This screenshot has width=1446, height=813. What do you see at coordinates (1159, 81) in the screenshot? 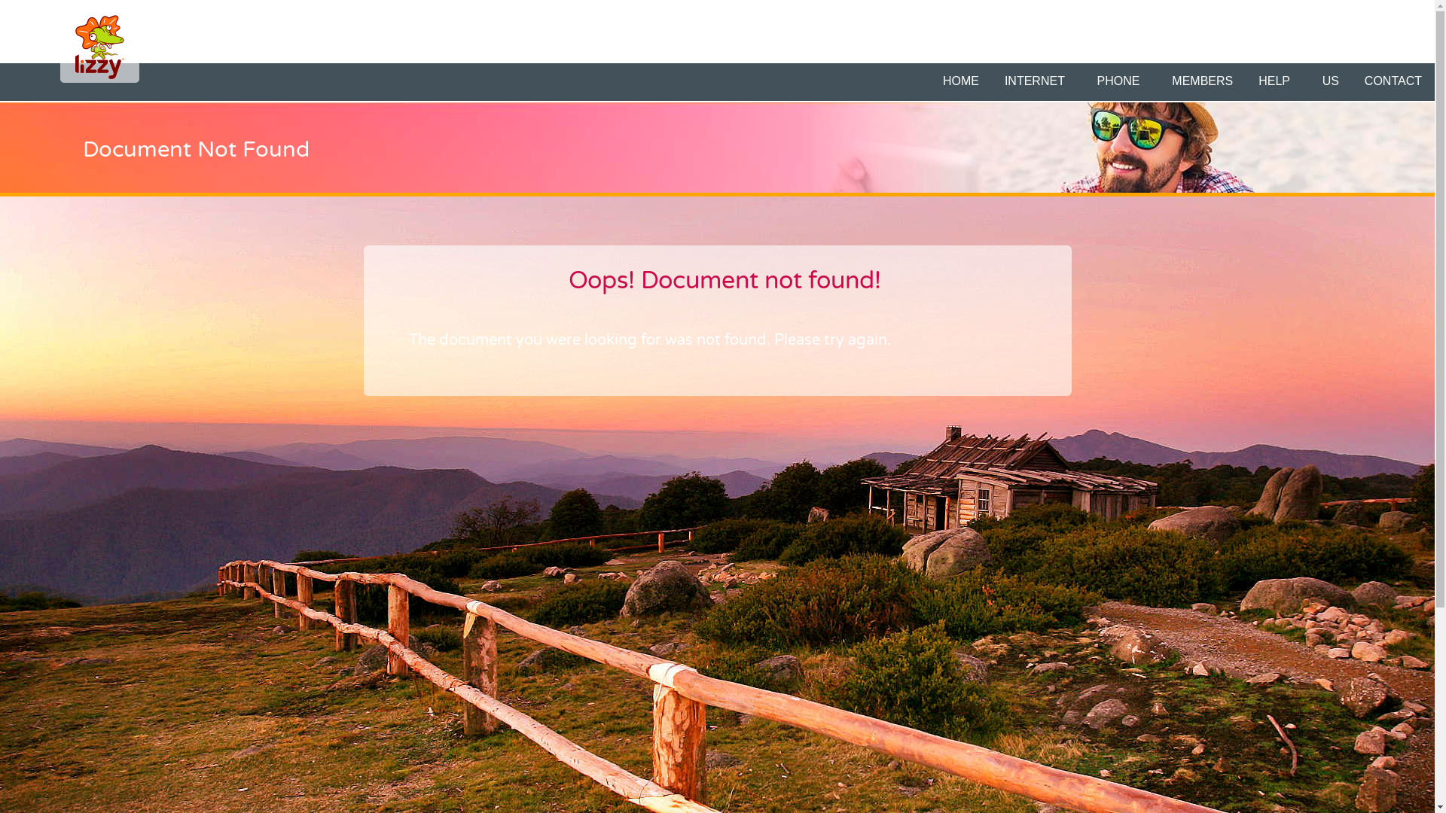
I see `'MEMBERS'` at bounding box center [1159, 81].